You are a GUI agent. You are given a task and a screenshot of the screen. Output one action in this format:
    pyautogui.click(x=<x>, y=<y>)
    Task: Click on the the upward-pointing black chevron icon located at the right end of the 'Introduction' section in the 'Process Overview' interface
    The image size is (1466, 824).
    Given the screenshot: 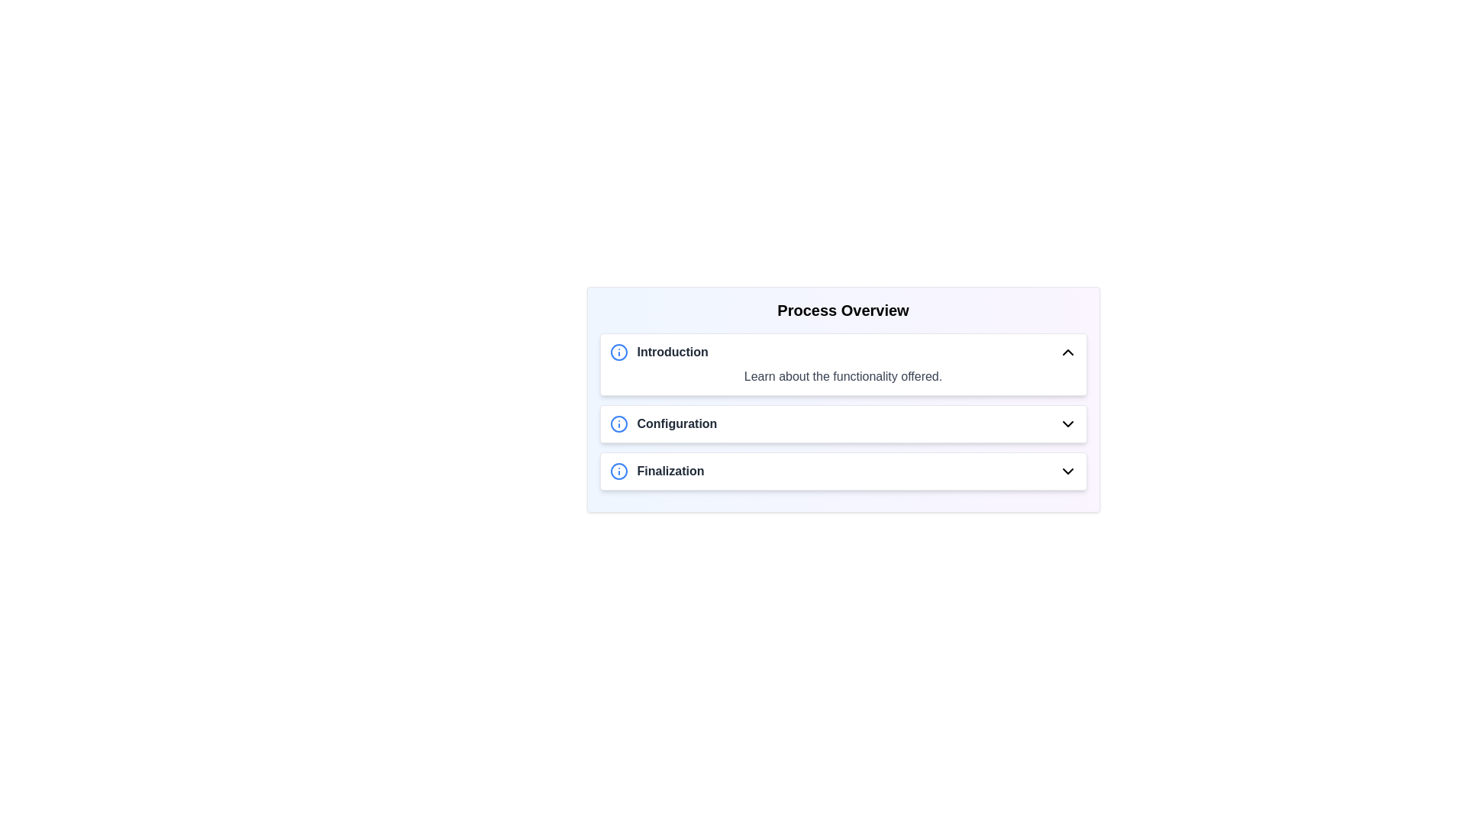 What is the action you would take?
    pyautogui.click(x=1067, y=352)
    